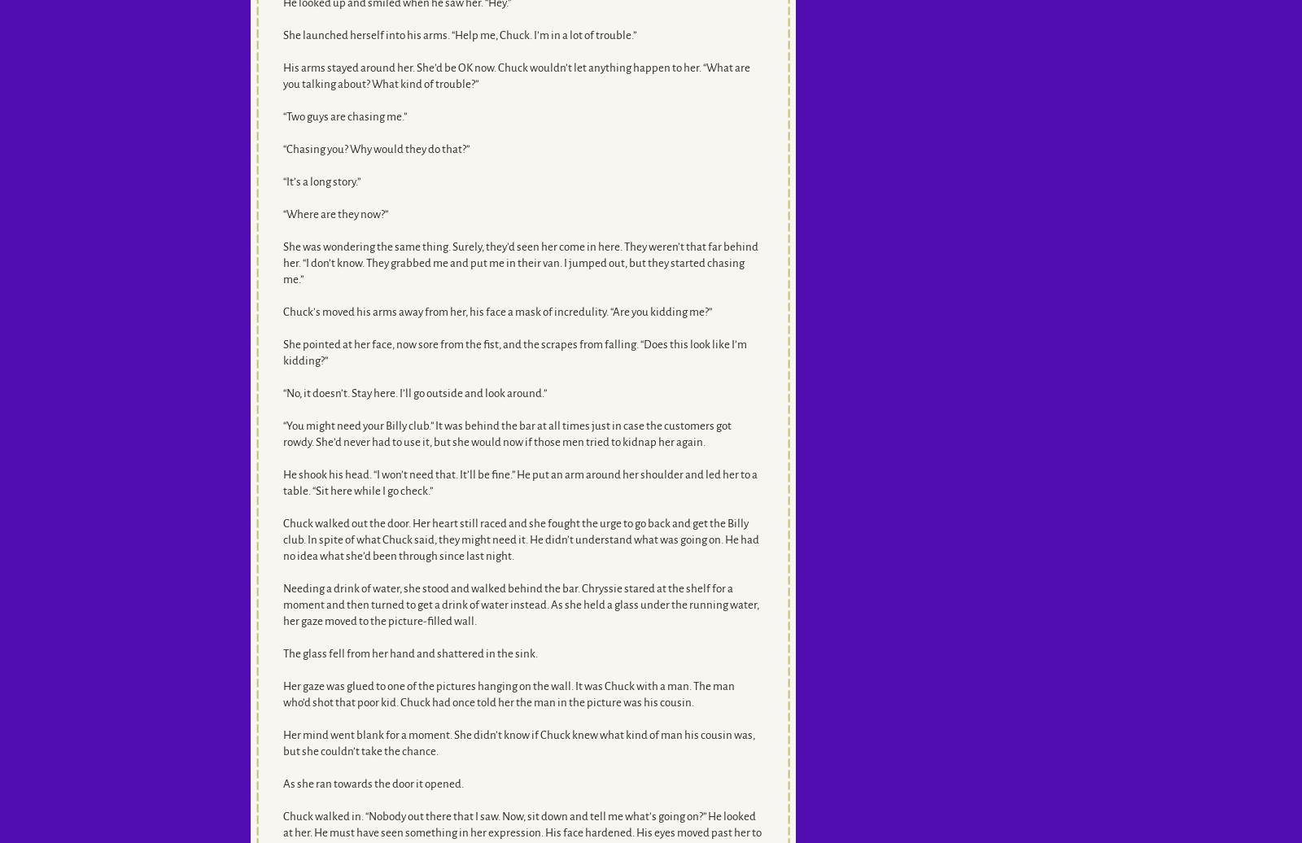 This screenshot has width=1302, height=843. I want to click on '“No, it doesn’t. Stay here. I’ll go outside and look around.”', so click(413, 393).